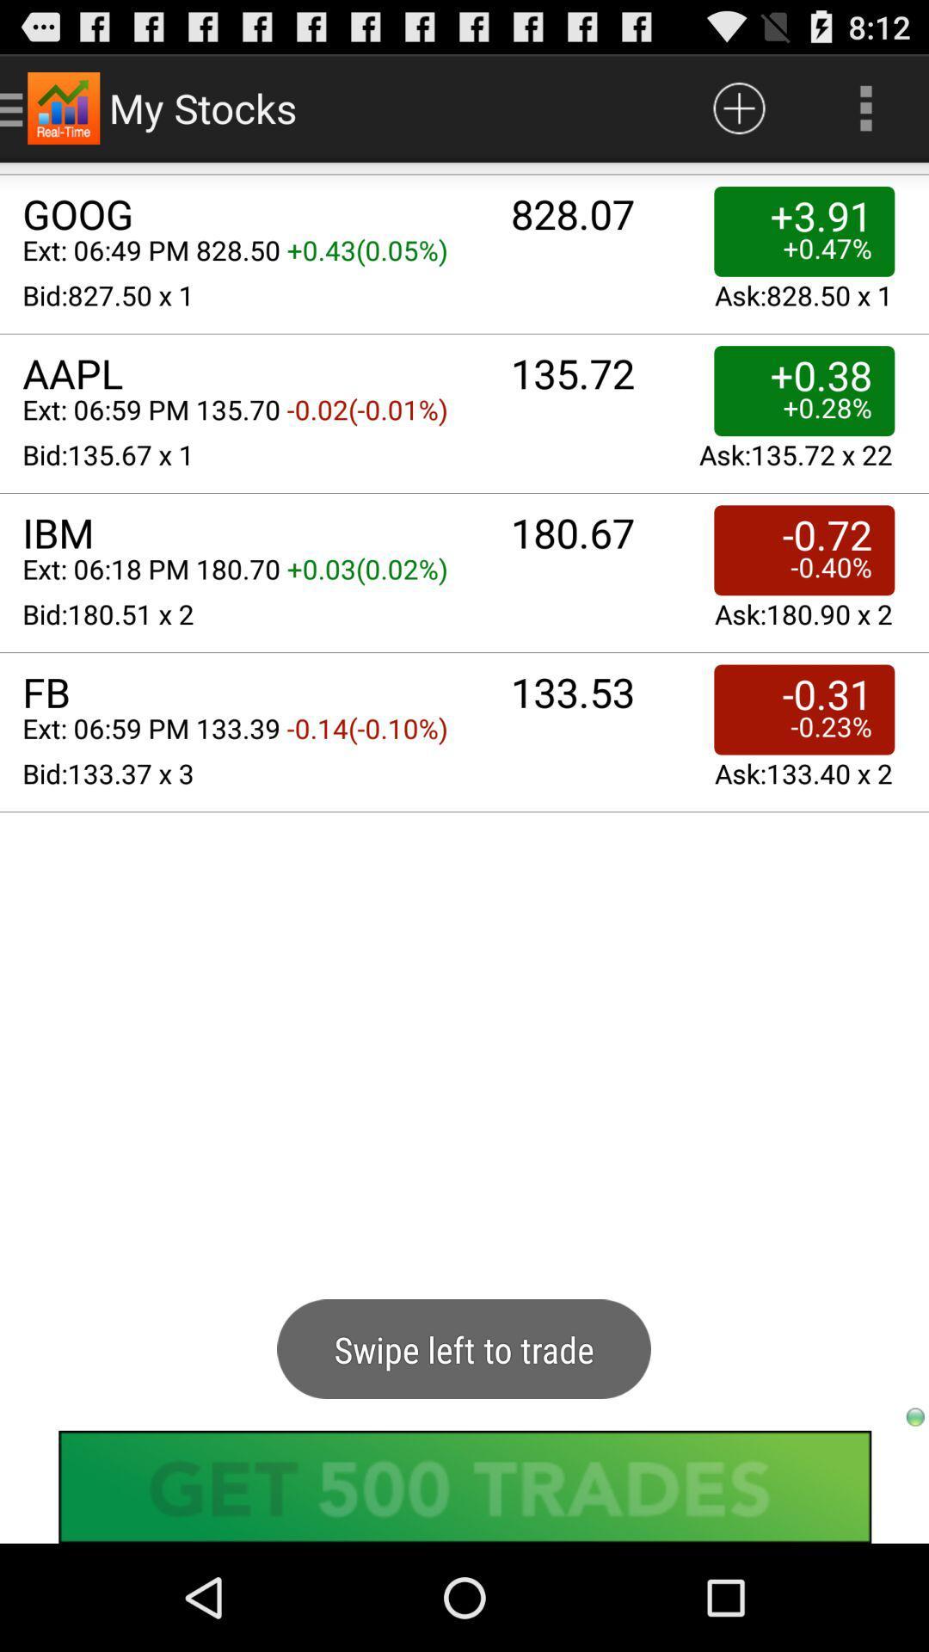 Image resolution: width=929 pixels, height=1652 pixels. I want to click on advertisement, so click(464, 1486).